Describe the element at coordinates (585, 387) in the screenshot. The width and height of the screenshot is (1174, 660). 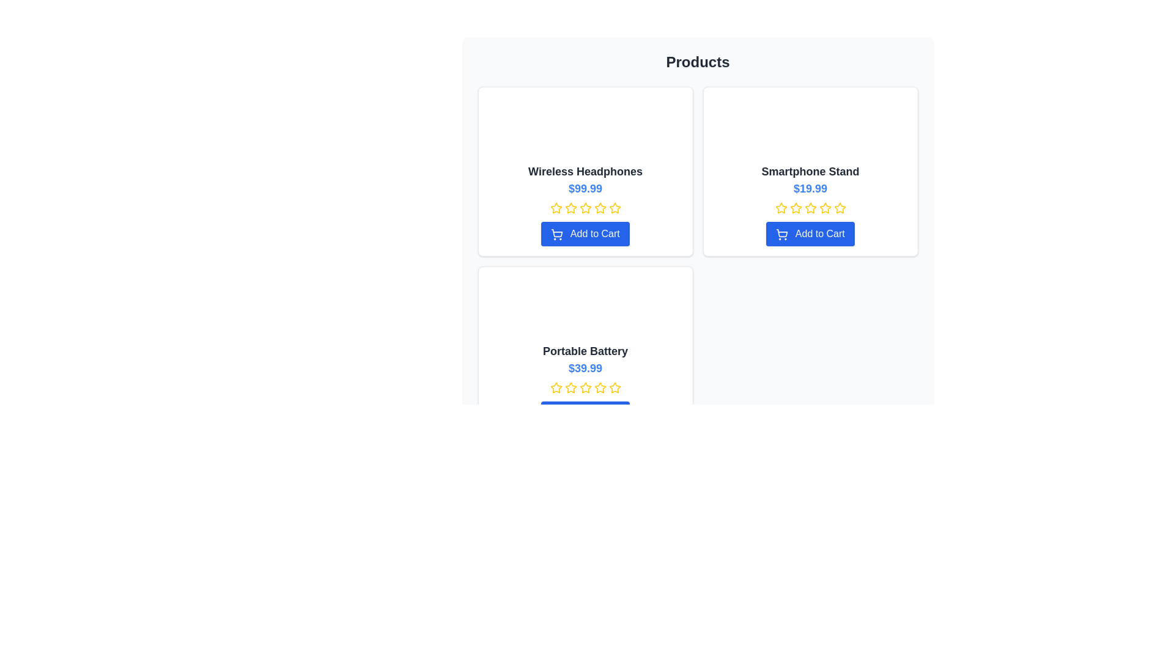
I see `the fourth star in the star rating icon section` at that location.